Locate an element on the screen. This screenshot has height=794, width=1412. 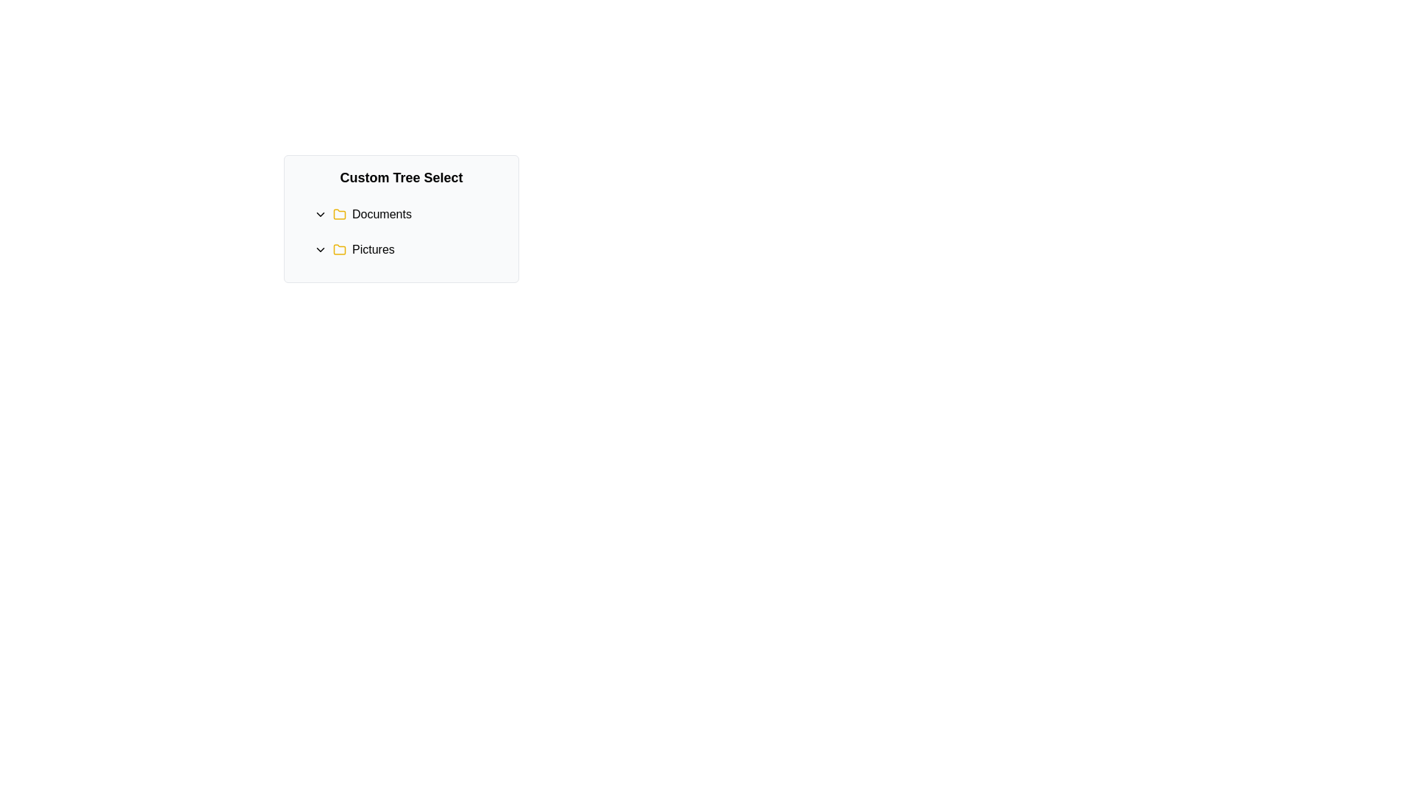
the black downward-facing chevron icon located to the left of the 'Pictures' label is located at coordinates (323, 248).